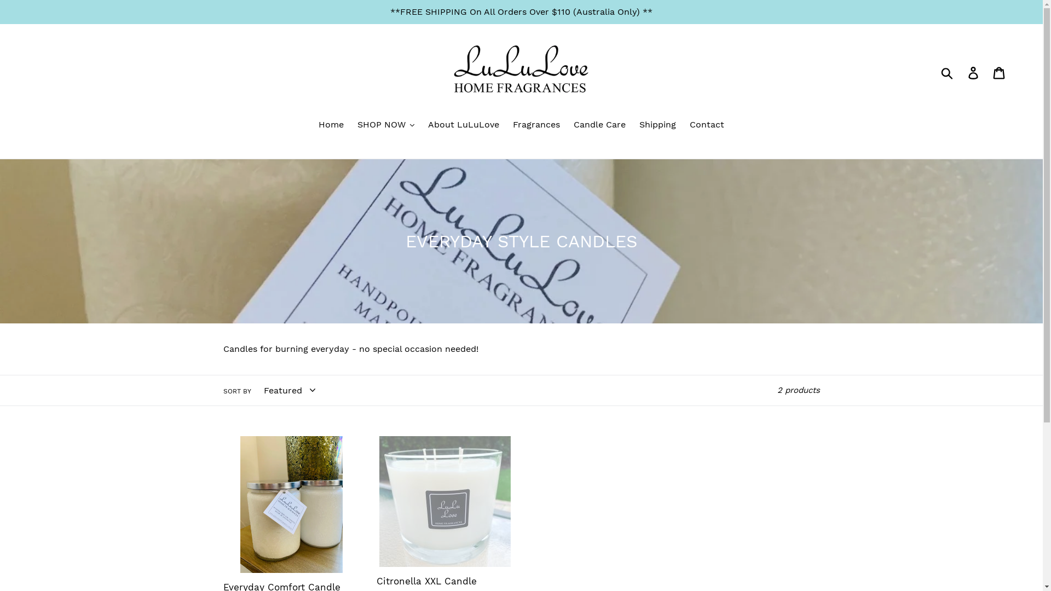 The image size is (1051, 591). Describe the element at coordinates (707, 125) in the screenshot. I see `'Contact'` at that location.